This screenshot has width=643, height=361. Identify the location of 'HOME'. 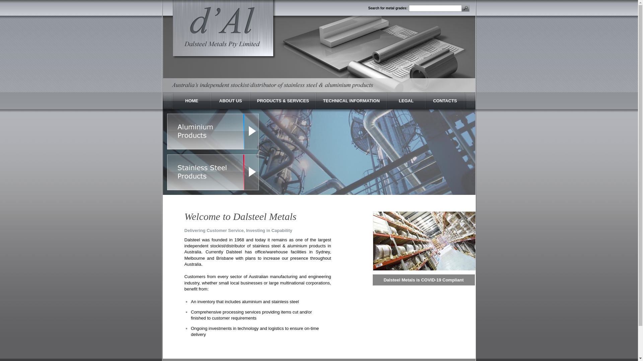
(192, 101).